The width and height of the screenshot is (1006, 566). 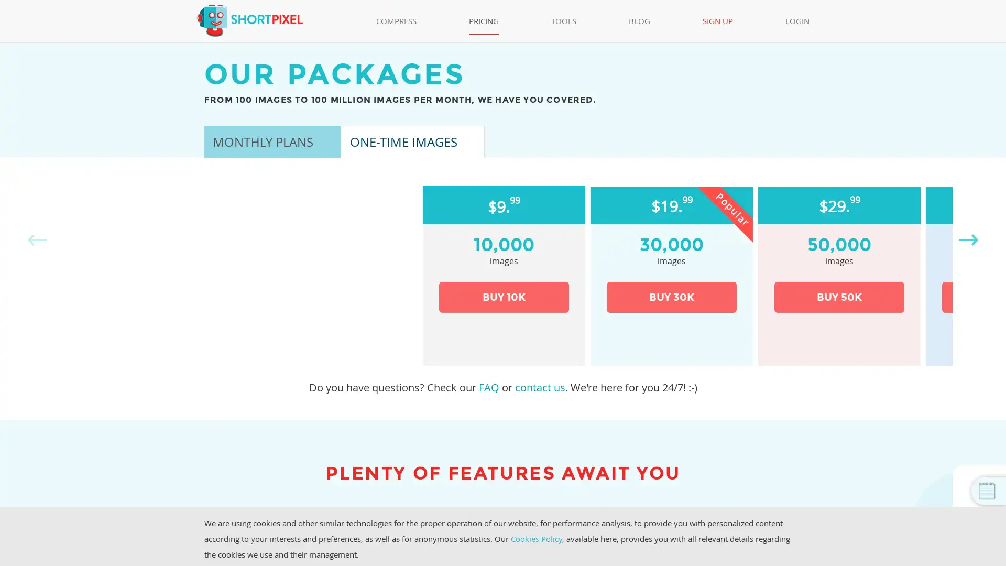 What do you see at coordinates (839, 297) in the screenshot?
I see `BUY 50K` at bounding box center [839, 297].